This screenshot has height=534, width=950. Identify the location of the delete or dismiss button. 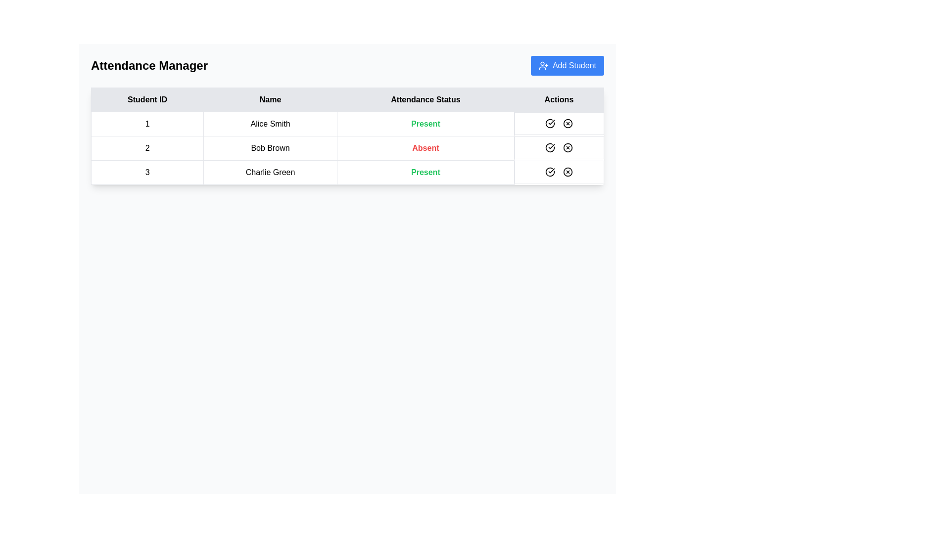
(568, 123).